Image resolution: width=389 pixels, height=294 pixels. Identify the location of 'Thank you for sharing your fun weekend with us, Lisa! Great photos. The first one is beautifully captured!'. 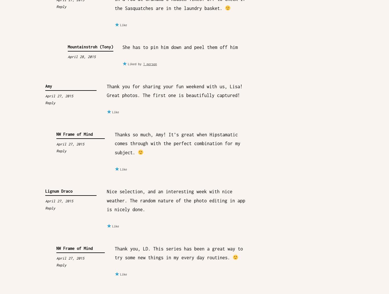
(174, 90).